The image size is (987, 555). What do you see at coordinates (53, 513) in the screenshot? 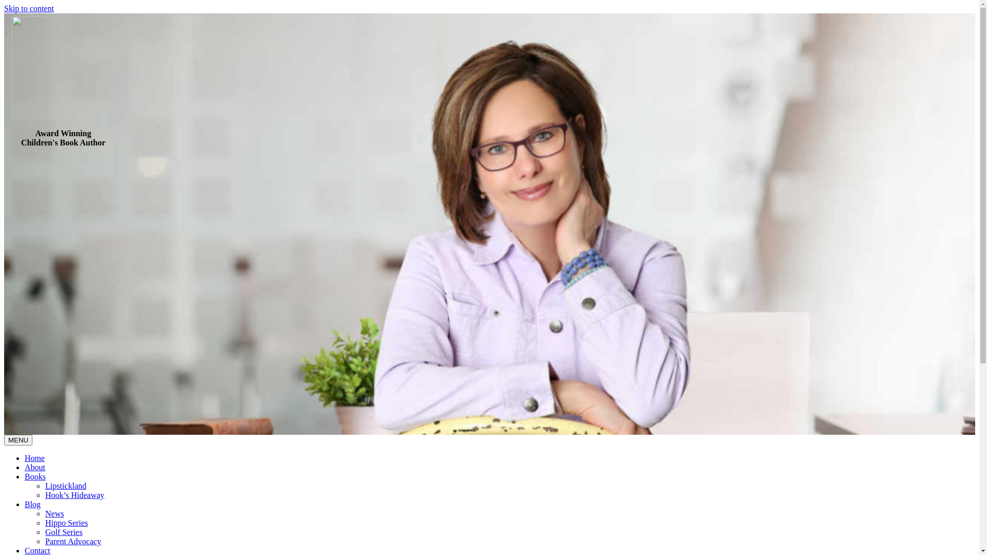
I see `'News'` at bounding box center [53, 513].